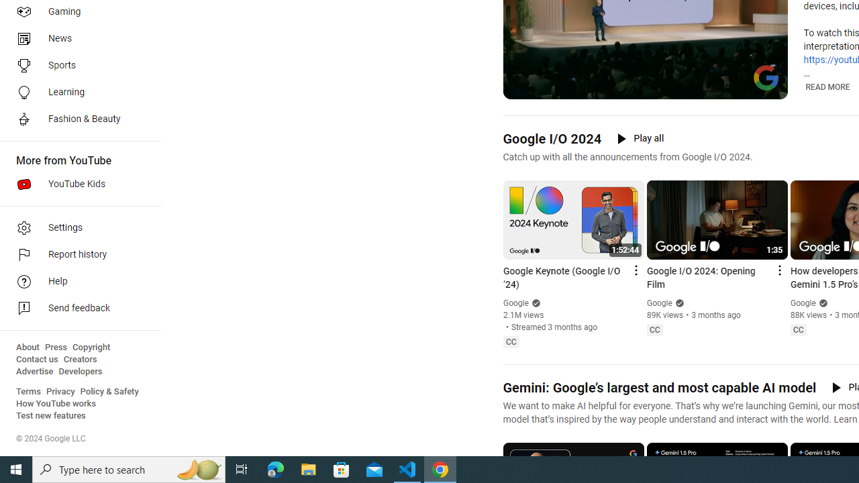  What do you see at coordinates (552, 138) in the screenshot?
I see `'Google I/O 2024'` at bounding box center [552, 138].